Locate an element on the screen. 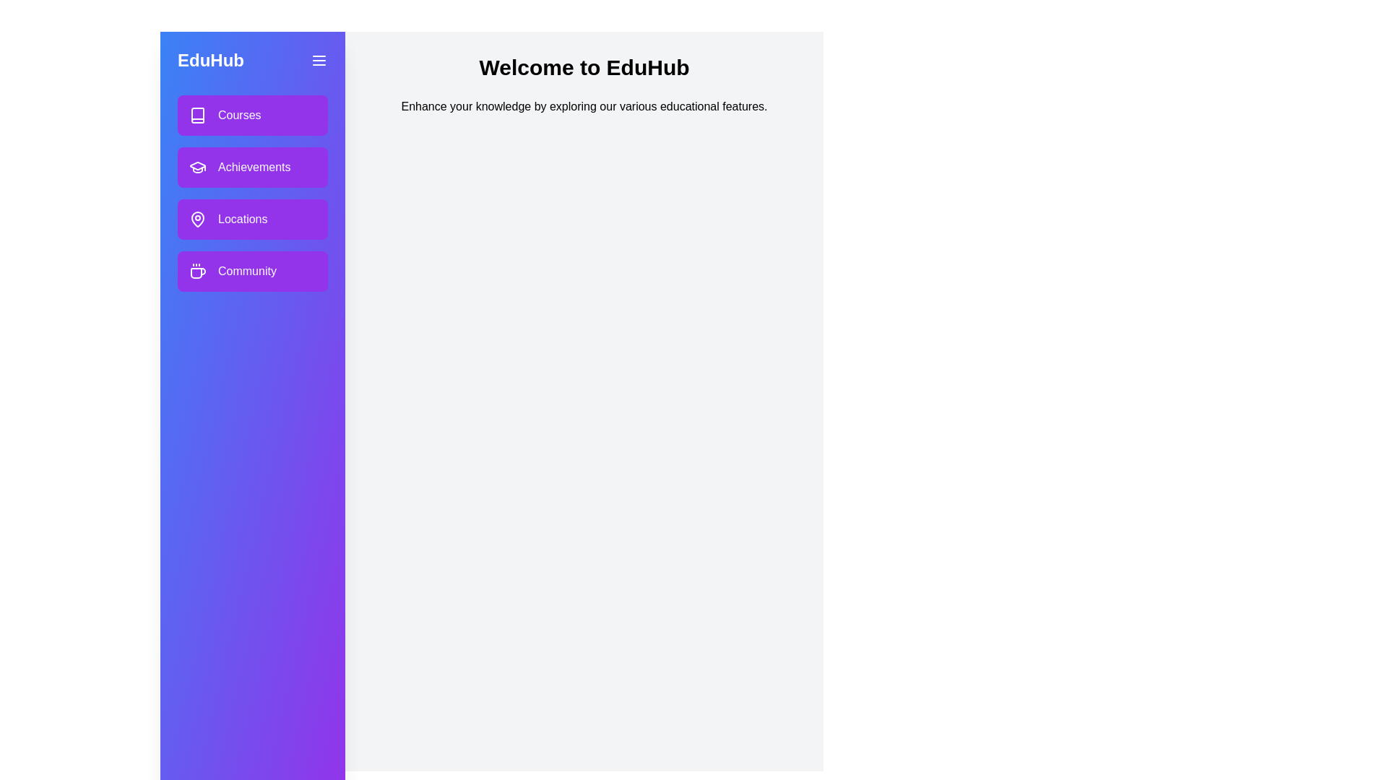 The height and width of the screenshot is (780, 1387). the section labeled Achievements to observe the hover effect is located at coordinates (253, 166).